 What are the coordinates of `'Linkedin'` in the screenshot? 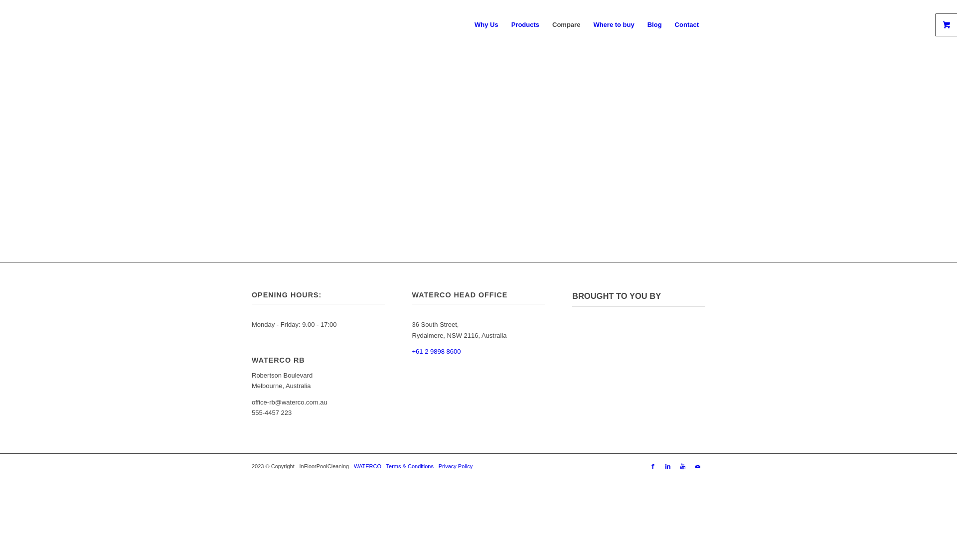 It's located at (667, 466).